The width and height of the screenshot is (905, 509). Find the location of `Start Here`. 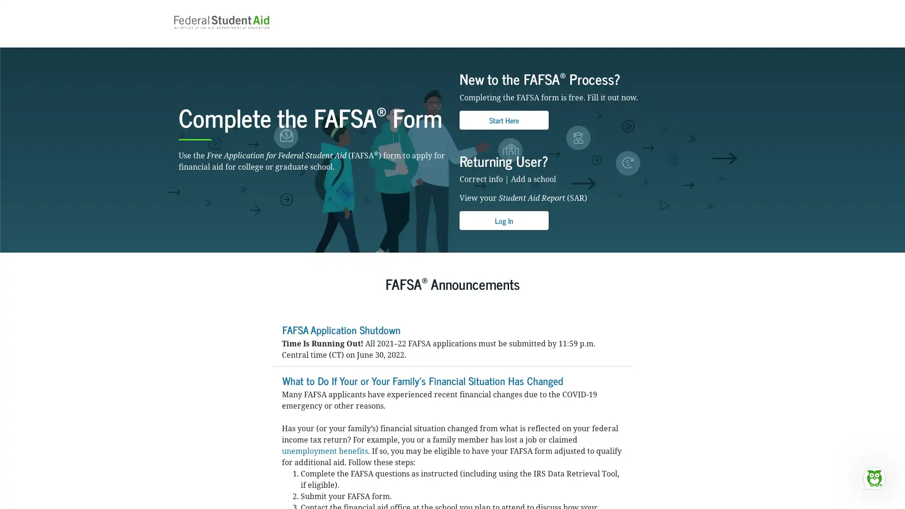

Start Here is located at coordinates (503, 133).